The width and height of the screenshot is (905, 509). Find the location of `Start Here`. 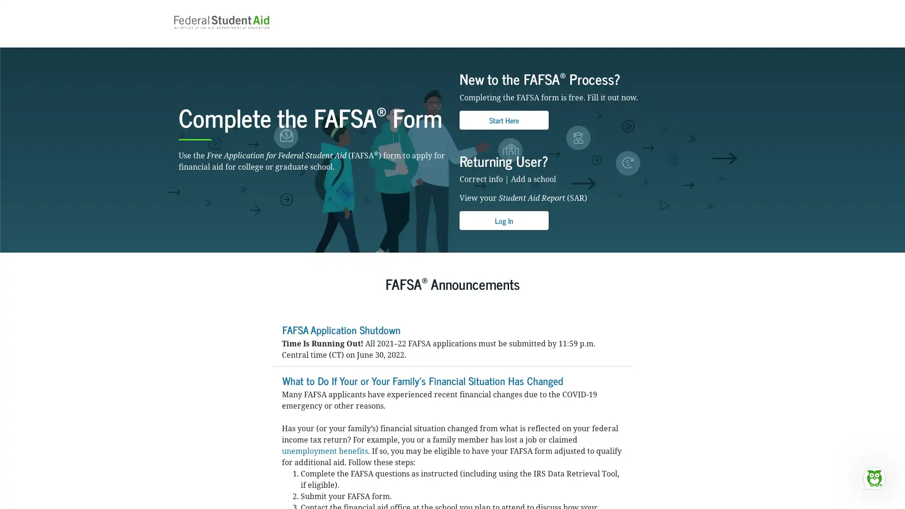

Start Here is located at coordinates (503, 133).